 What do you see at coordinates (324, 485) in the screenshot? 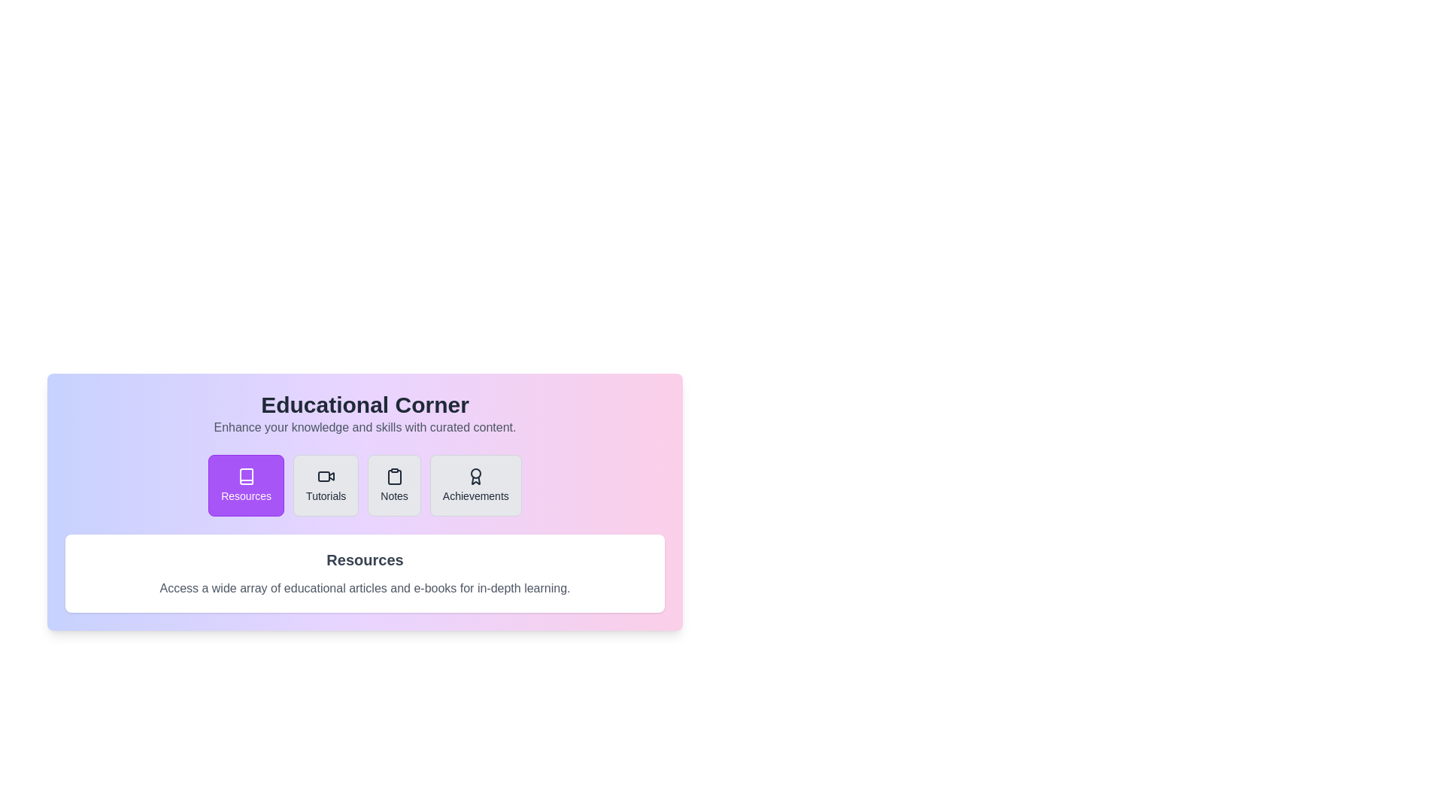
I see `the tab labeled Tutorials` at bounding box center [324, 485].